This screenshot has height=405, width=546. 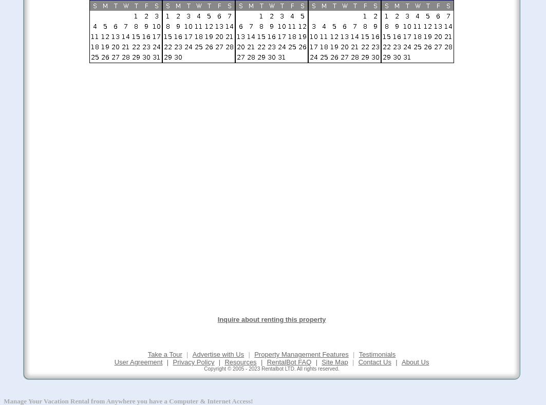 I want to click on 'Contact Us', so click(x=357, y=361).